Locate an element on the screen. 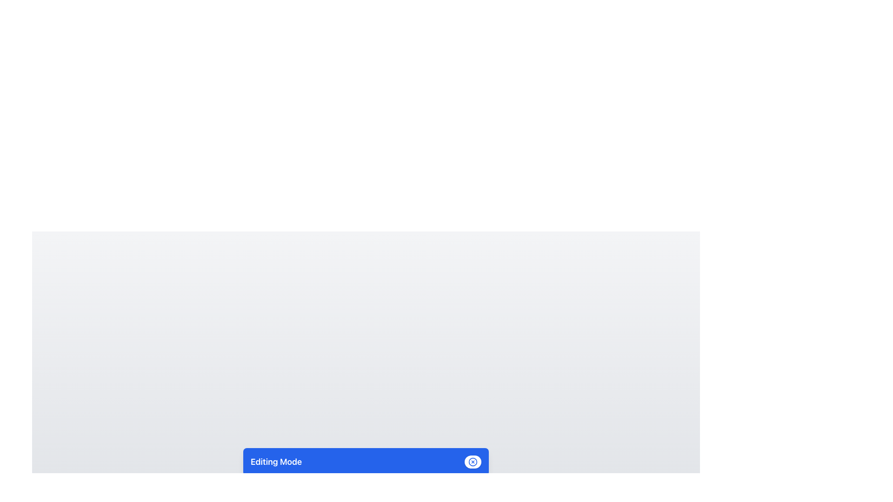 Image resolution: width=893 pixels, height=502 pixels. the static text element displaying 'Editing Mode', which is bold and white on a blue background is located at coordinates (276, 462).